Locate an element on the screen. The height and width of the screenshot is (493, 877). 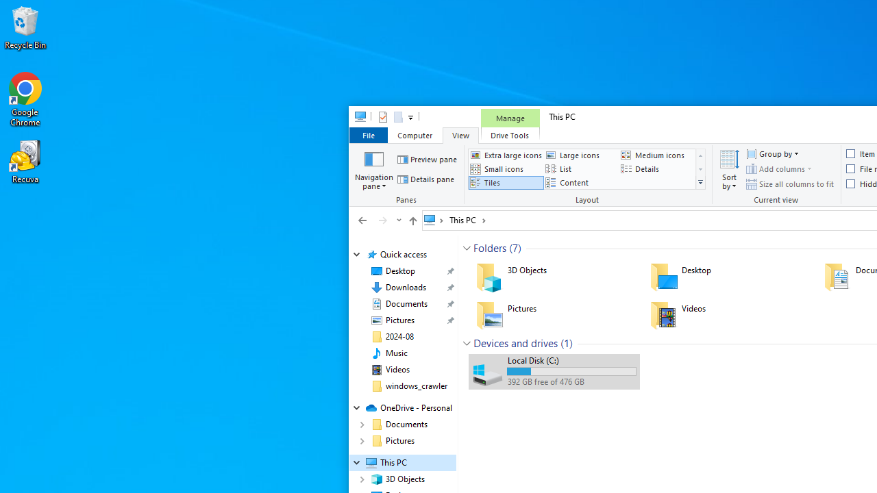
'Properties' is located at coordinates (382, 115).